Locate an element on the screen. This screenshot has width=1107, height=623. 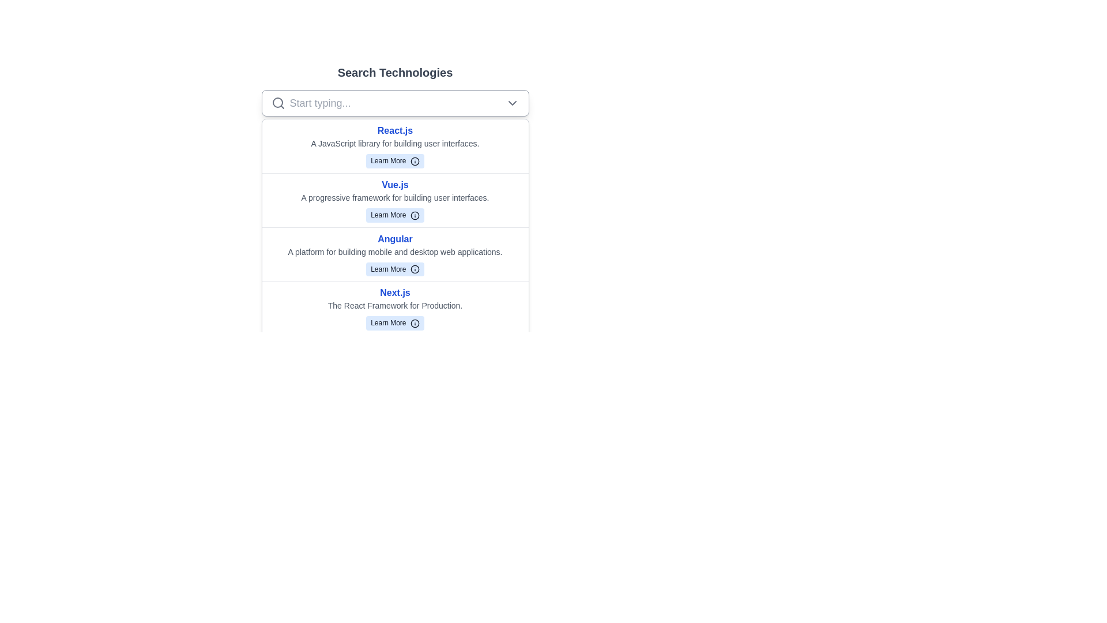
the 'Learn More' button on the Informational card for 'Next.js', which is the fourth item in a vertical list of components is located at coordinates (395, 308).